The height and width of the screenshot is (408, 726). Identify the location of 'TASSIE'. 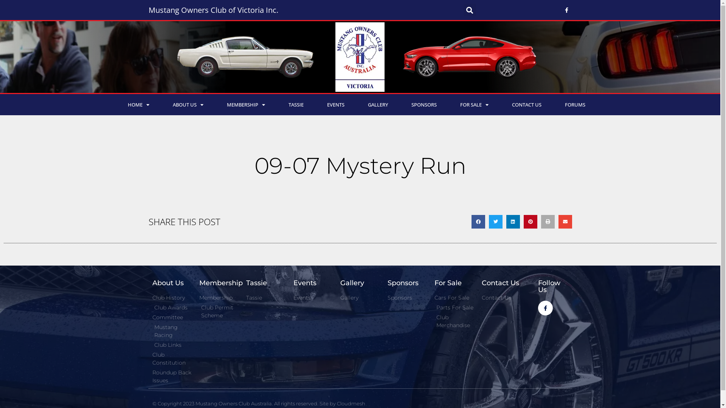
(276, 105).